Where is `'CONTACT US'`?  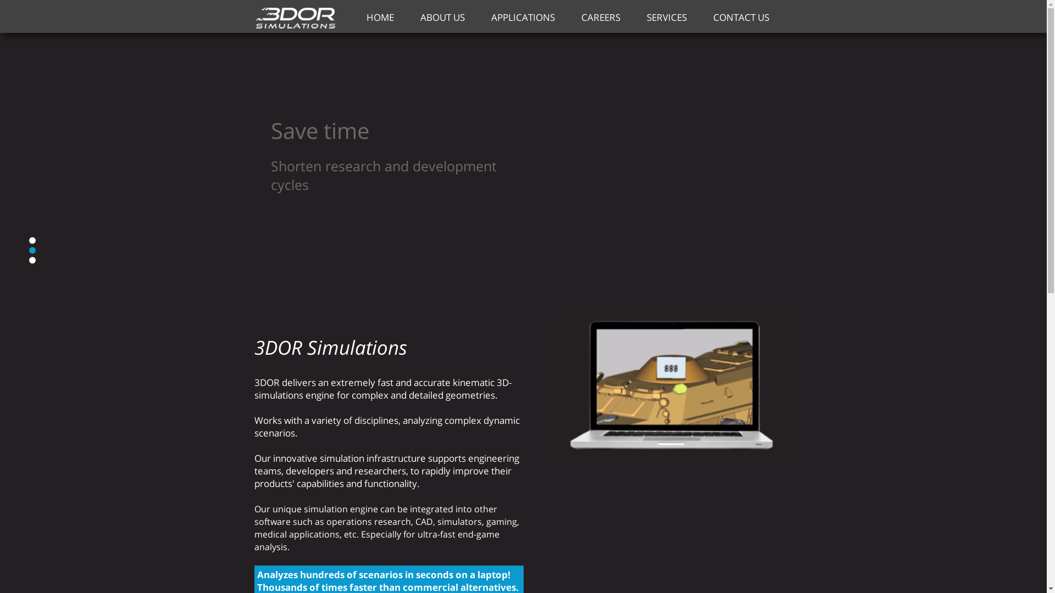
'CONTACT US' is located at coordinates (741, 17).